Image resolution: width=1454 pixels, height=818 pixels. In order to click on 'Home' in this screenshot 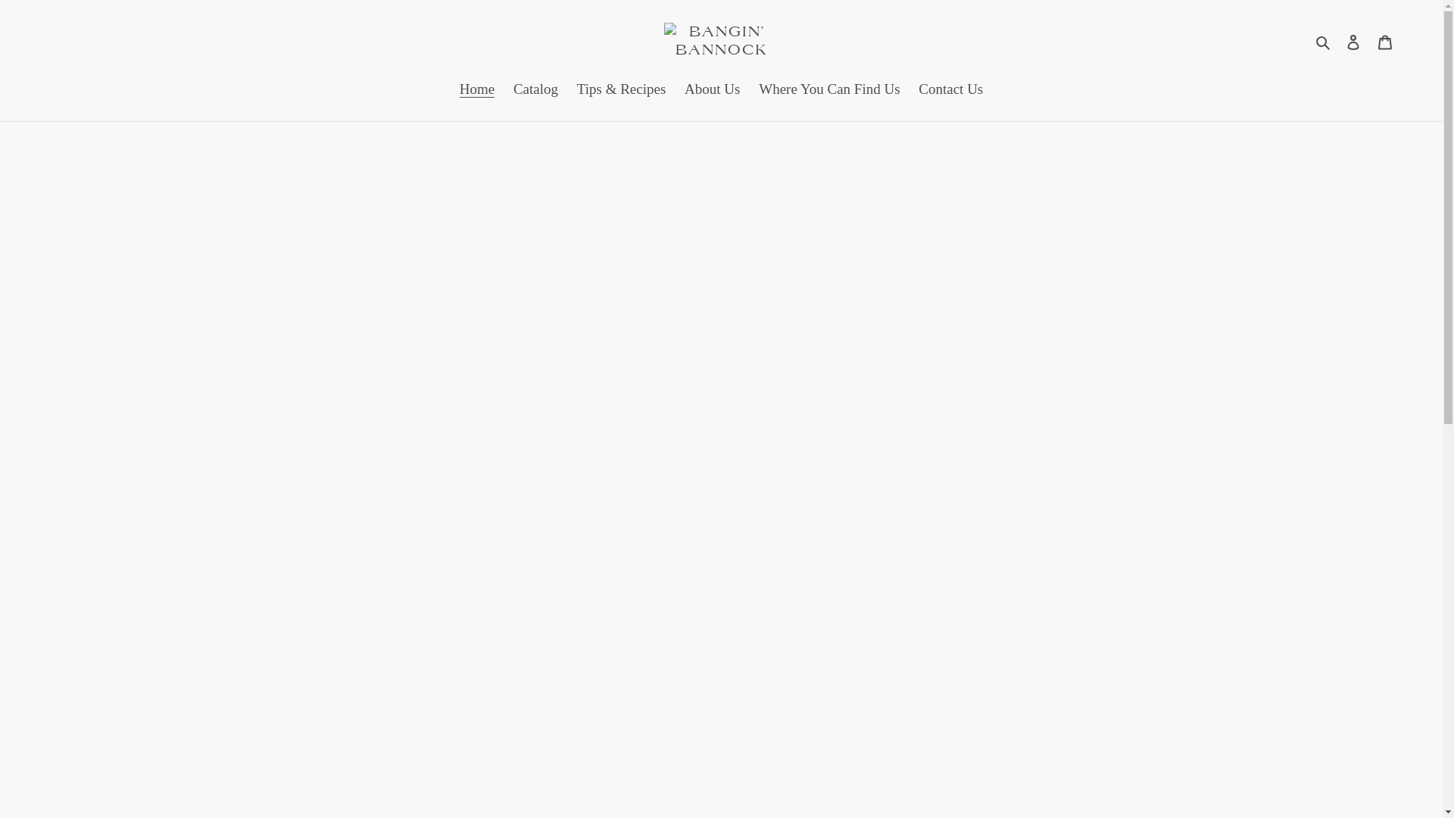, I will do `click(476, 90)`.